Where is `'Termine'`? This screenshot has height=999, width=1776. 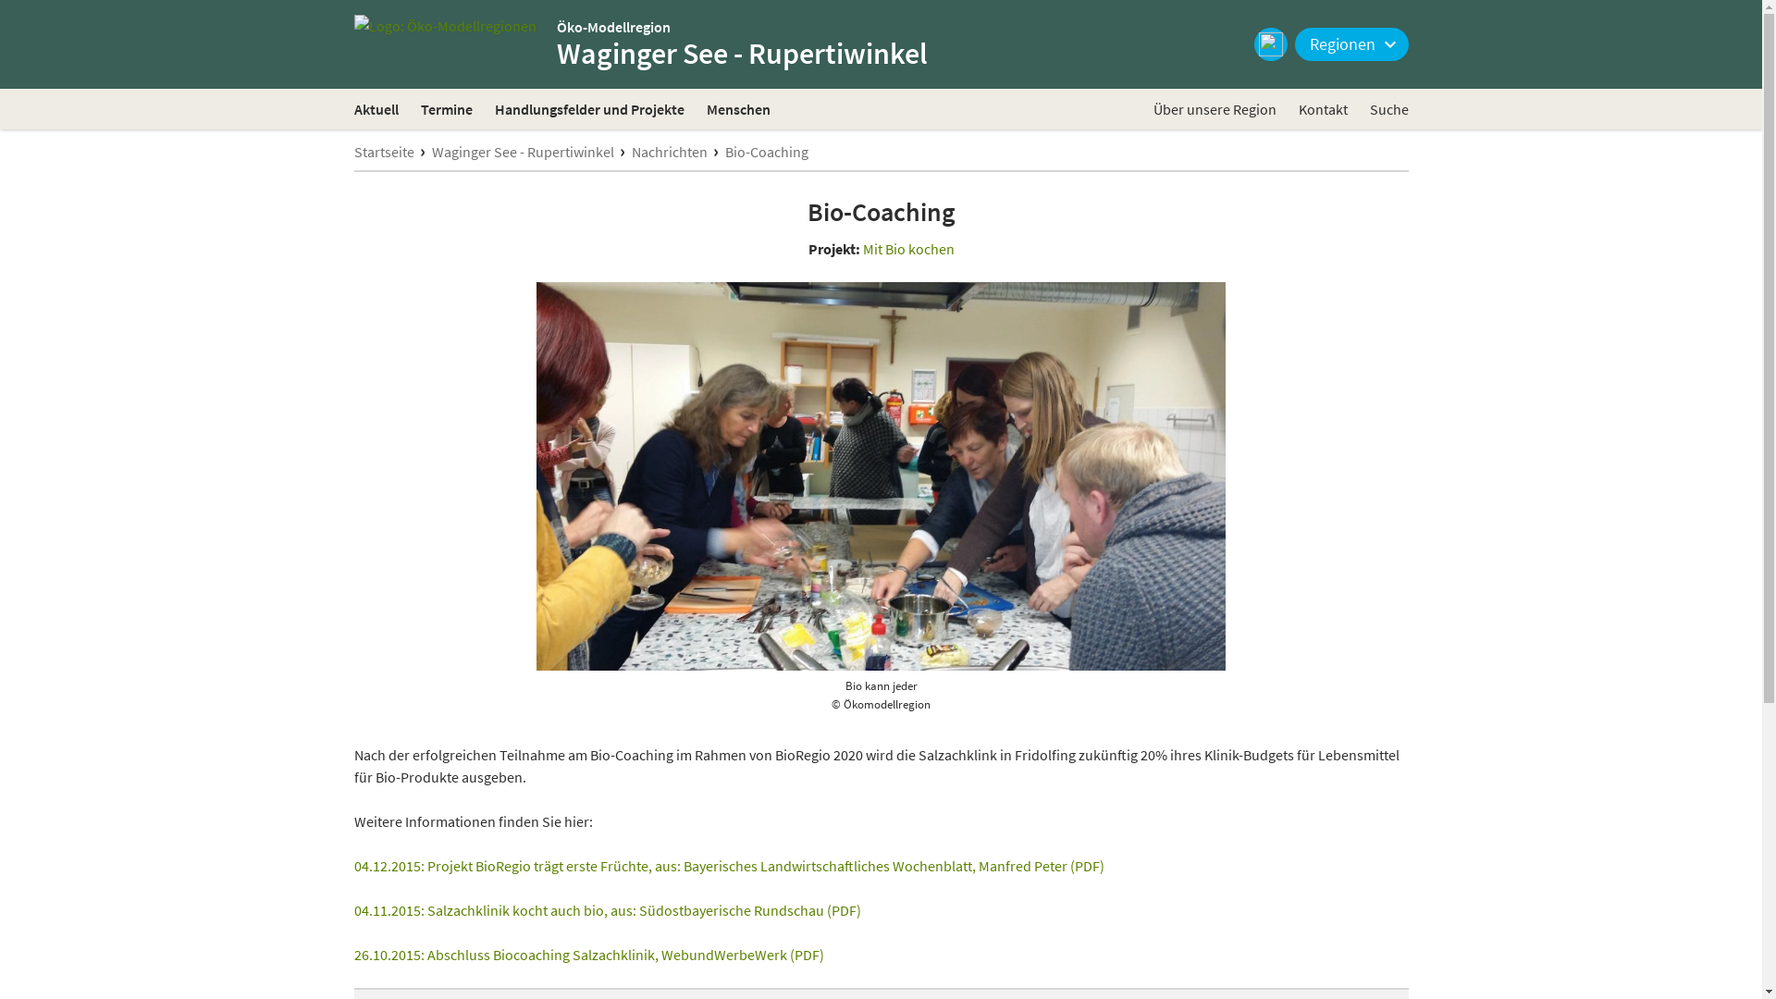
'Termine' is located at coordinates (445, 109).